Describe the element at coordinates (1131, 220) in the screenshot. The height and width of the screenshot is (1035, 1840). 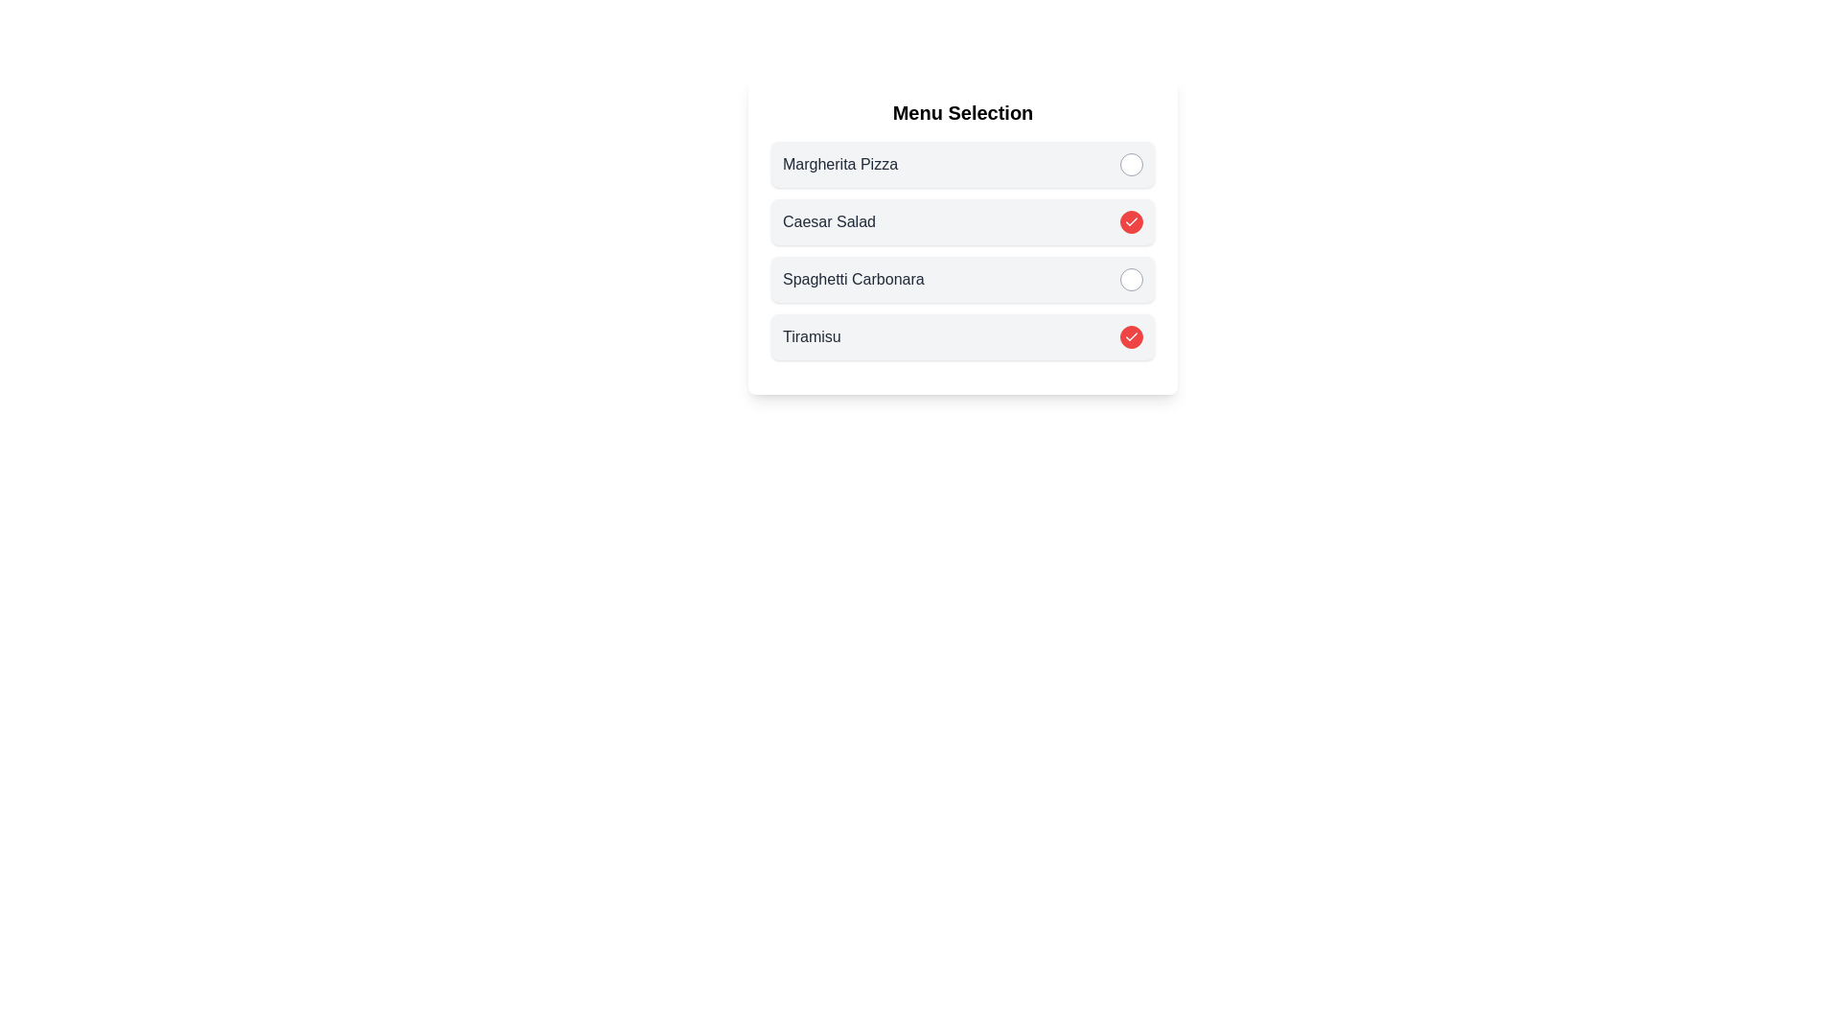
I see `the menu item corresponding to Caesar Salad` at that location.